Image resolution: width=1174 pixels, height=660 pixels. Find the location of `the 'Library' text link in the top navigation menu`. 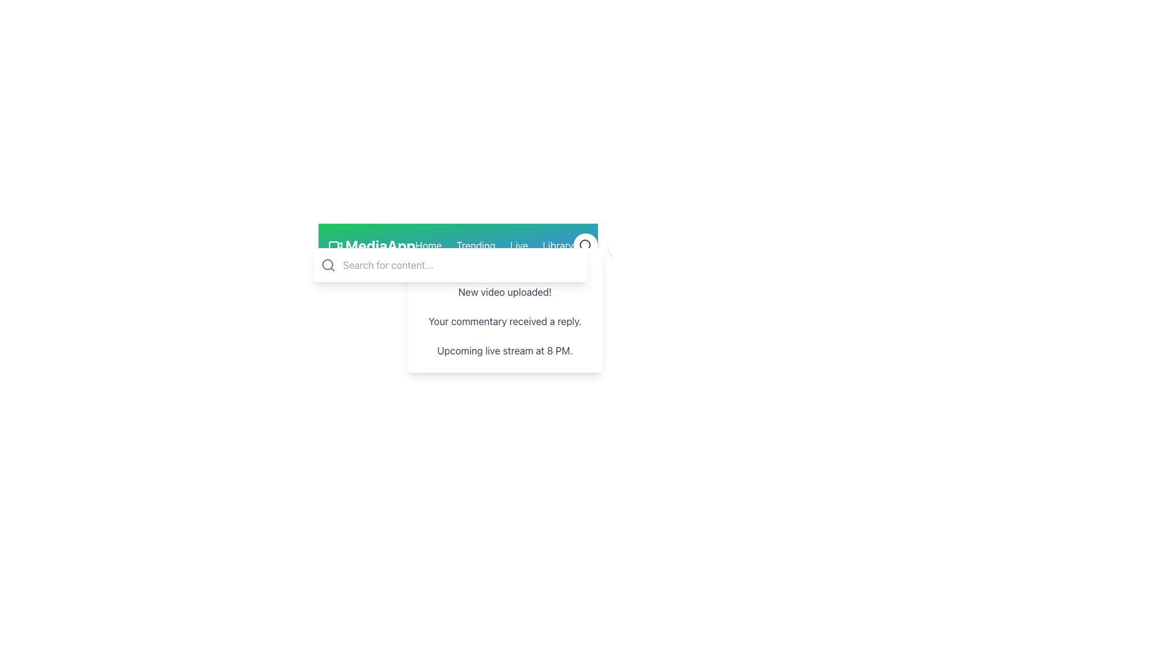

the 'Library' text link in the top navigation menu is located at coordinates (557, 245).